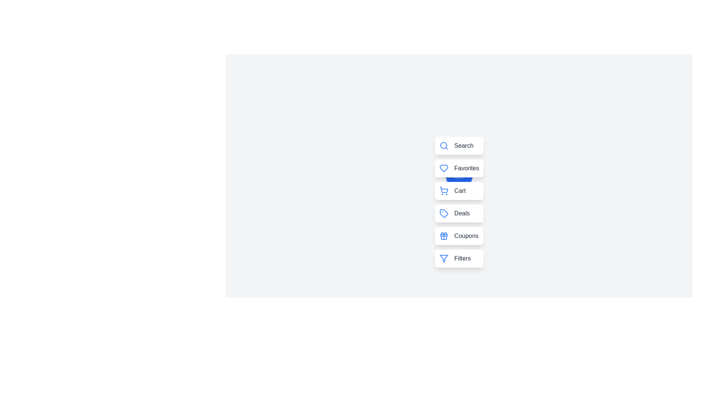  I want to click on the tag icon representing deals, which is located to the far left of the text 'Deals' within the 'Deals' button, so click(444, 213).